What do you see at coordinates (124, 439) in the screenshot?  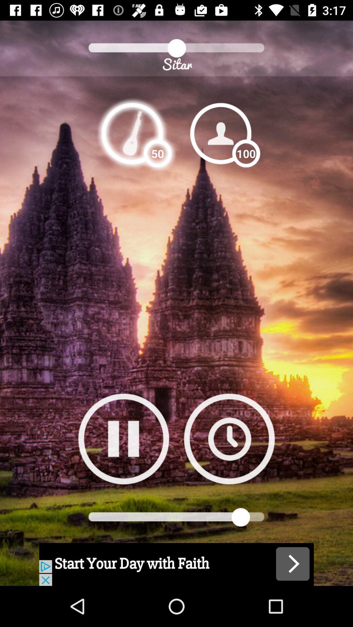 I see `pause` at bounding box center [124, 439].